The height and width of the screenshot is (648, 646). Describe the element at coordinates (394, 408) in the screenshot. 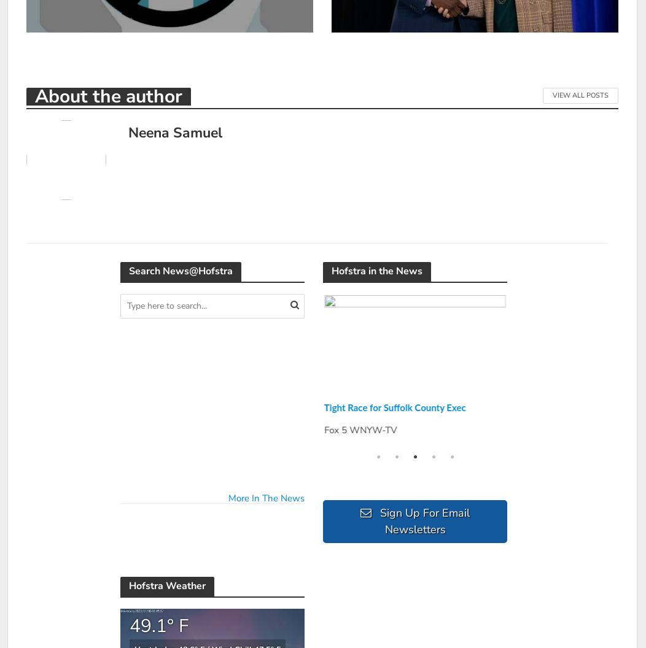

I see `'Tight Race for Suffolk County Exec'` at that location.